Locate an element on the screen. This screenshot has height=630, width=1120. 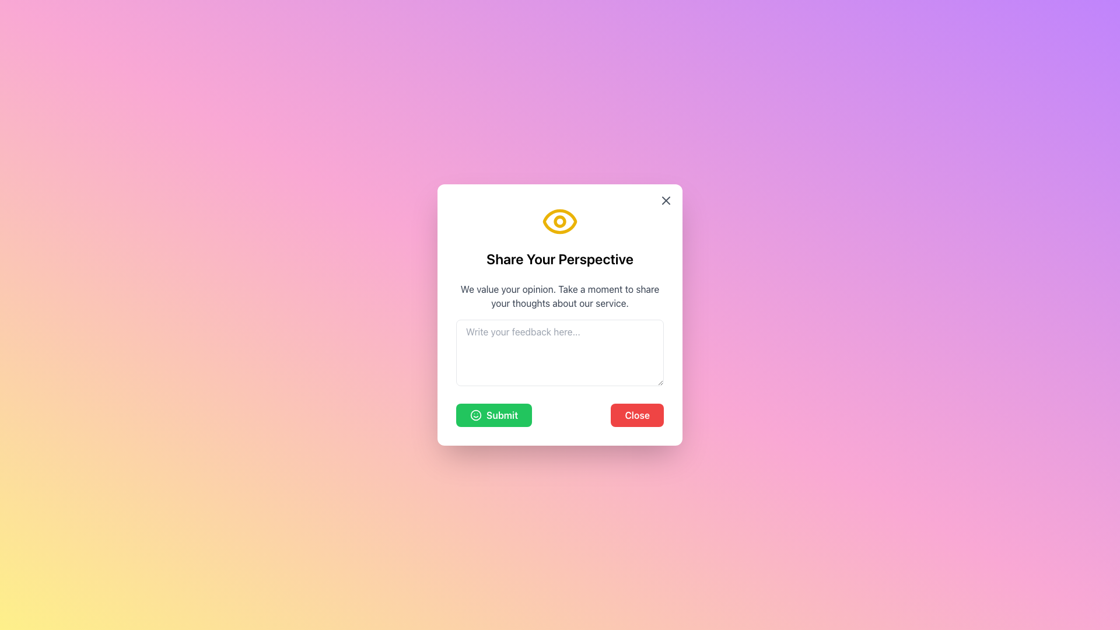
text from the large text label that says 'Share Your Perspective', which is bold and clearly visible, positioned below an eye icon in the dialog box is located at coordinates (560, 258).